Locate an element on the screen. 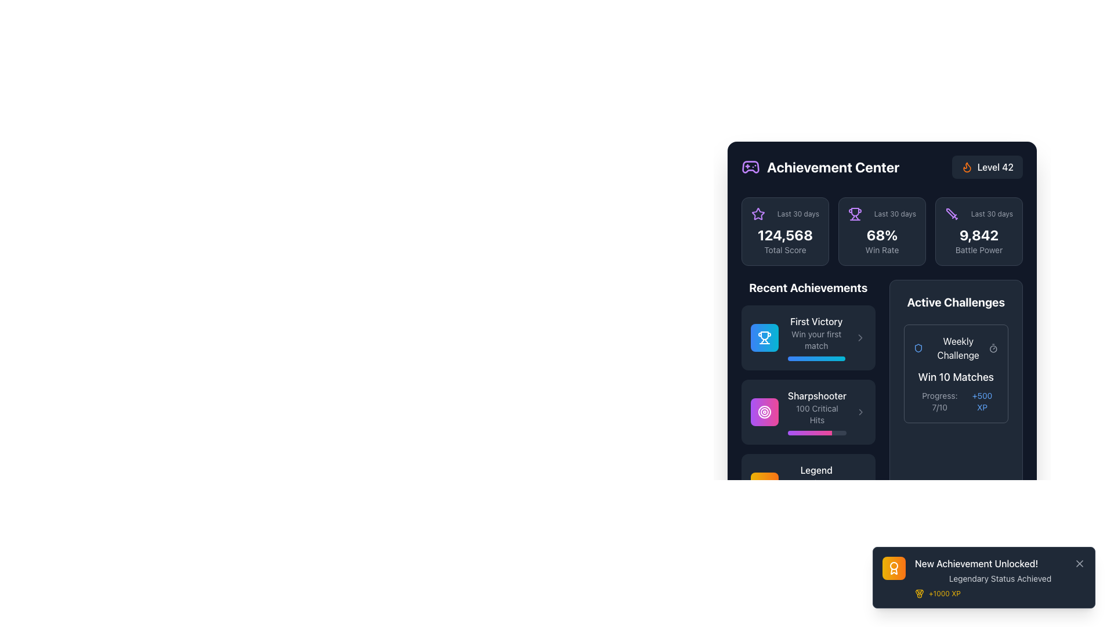  the Card displaying numeric data and associated description in the Achievement Center is located at coordinates (785, 231).